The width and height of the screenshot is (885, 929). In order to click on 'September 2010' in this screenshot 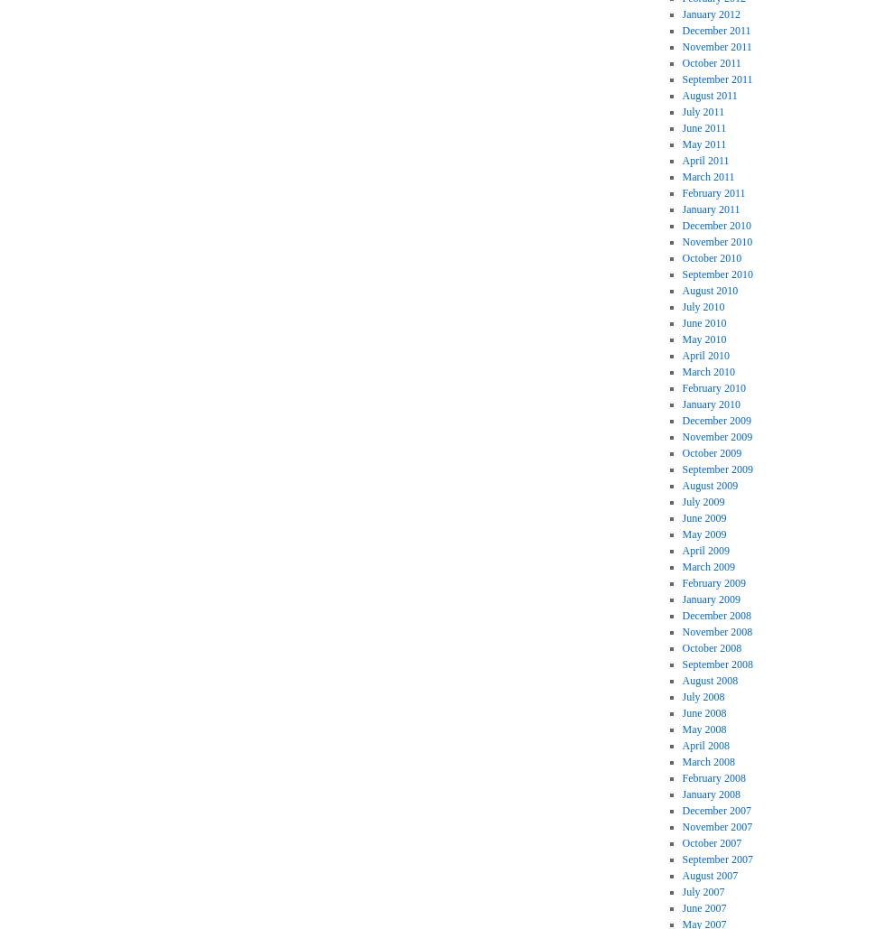, I will do `click(681, 274)`.